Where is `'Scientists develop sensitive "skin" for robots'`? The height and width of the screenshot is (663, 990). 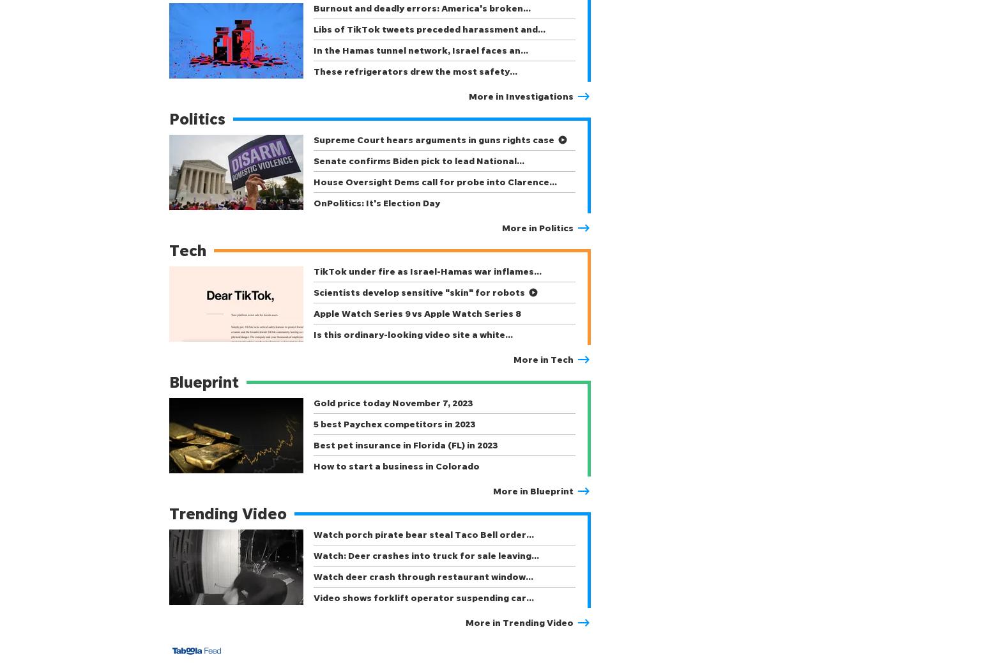 'Scientists develop sensitive "skin" for robots' is located at coordinates (313, 292).